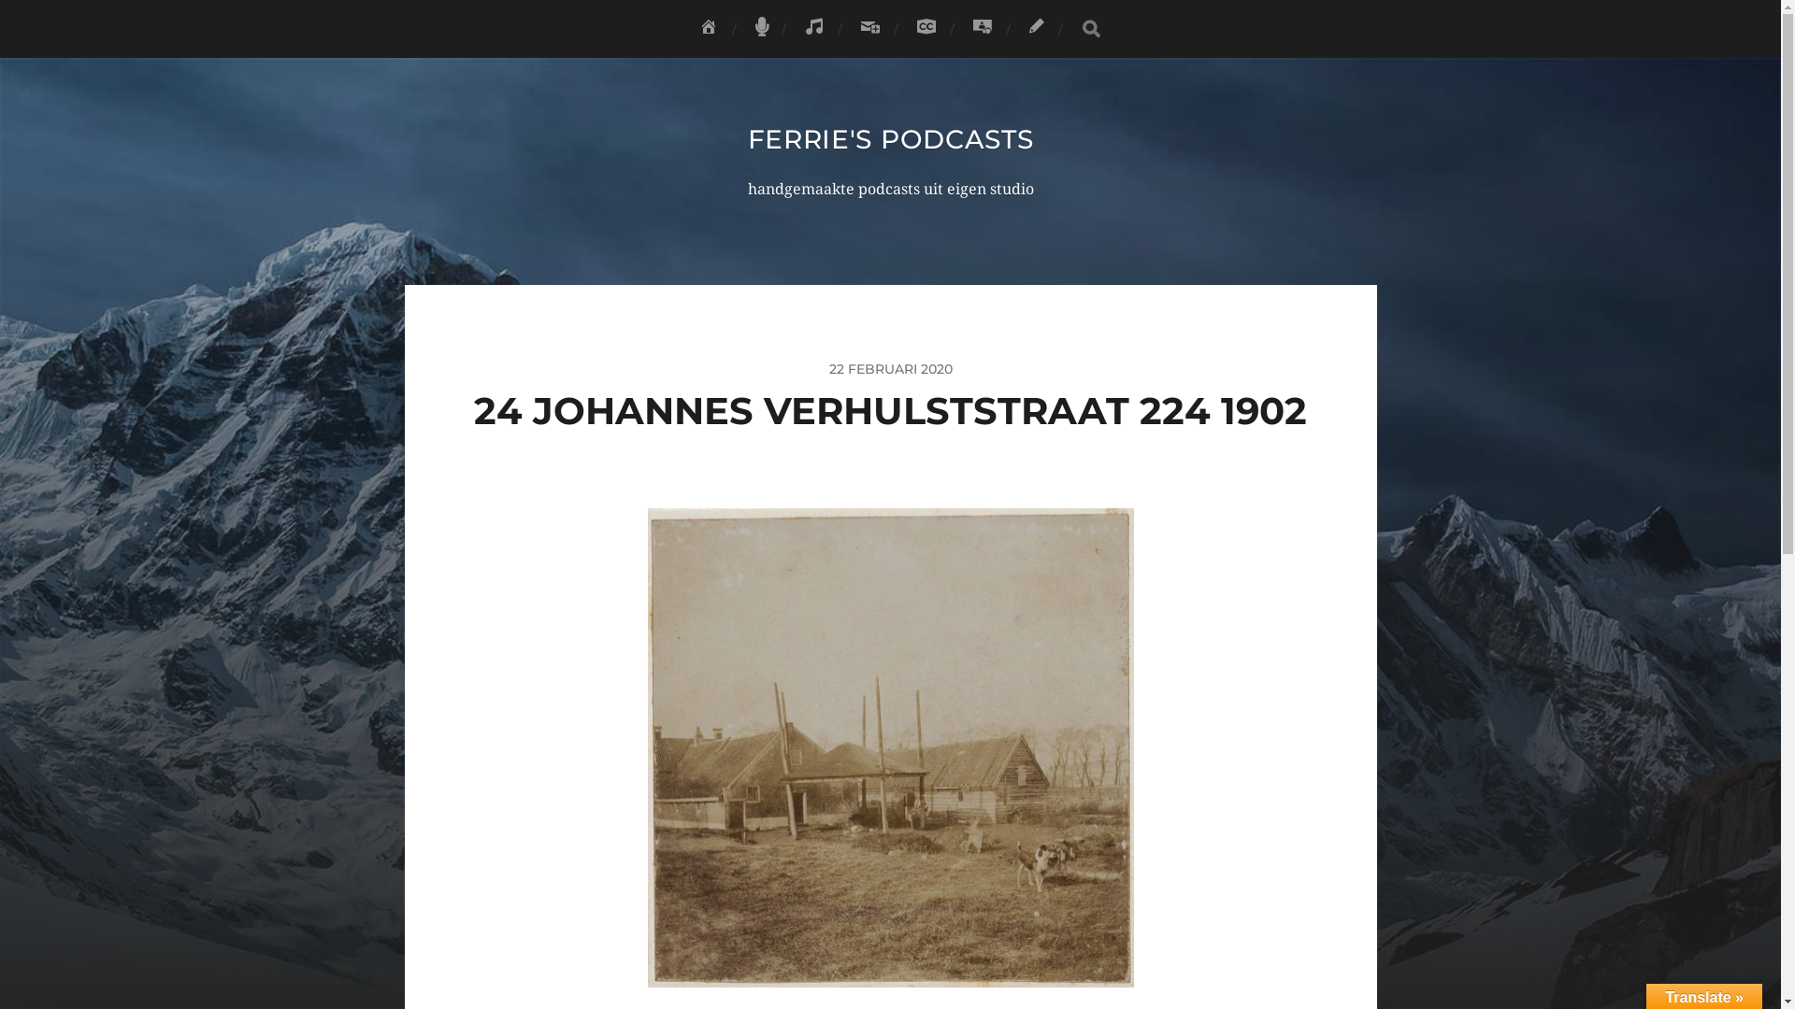  I want to click on 'DONEREN', so click(982, 28).